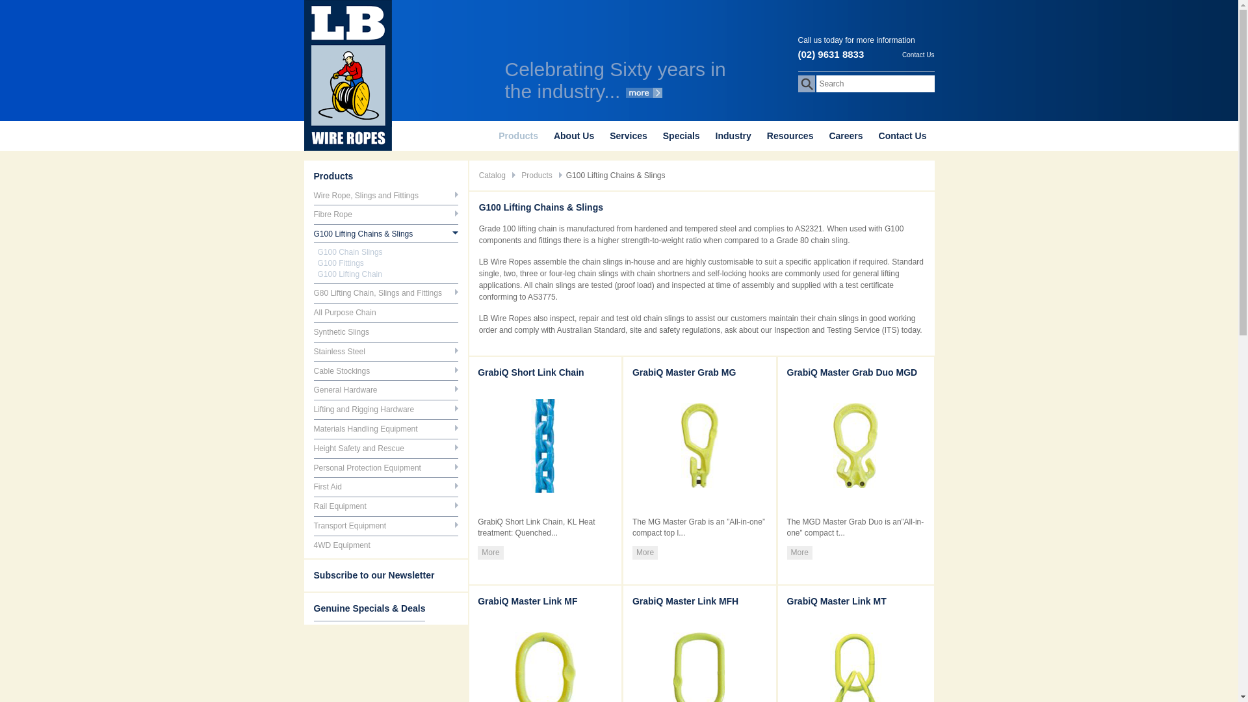  I want to click on 'Specials', so click(681, 135).